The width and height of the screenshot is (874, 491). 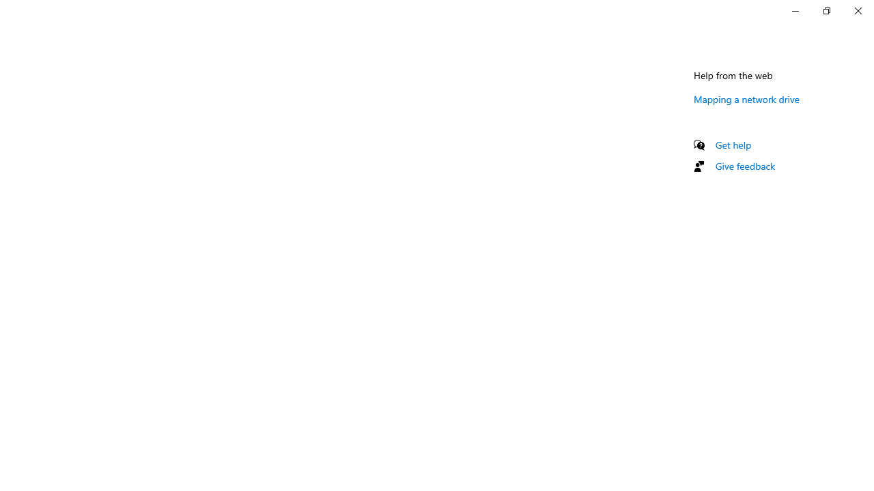 What do you see at coordinates (744, 165) in the screenshot?
I see `'Give feedback'` at bounding box center [744, 165].